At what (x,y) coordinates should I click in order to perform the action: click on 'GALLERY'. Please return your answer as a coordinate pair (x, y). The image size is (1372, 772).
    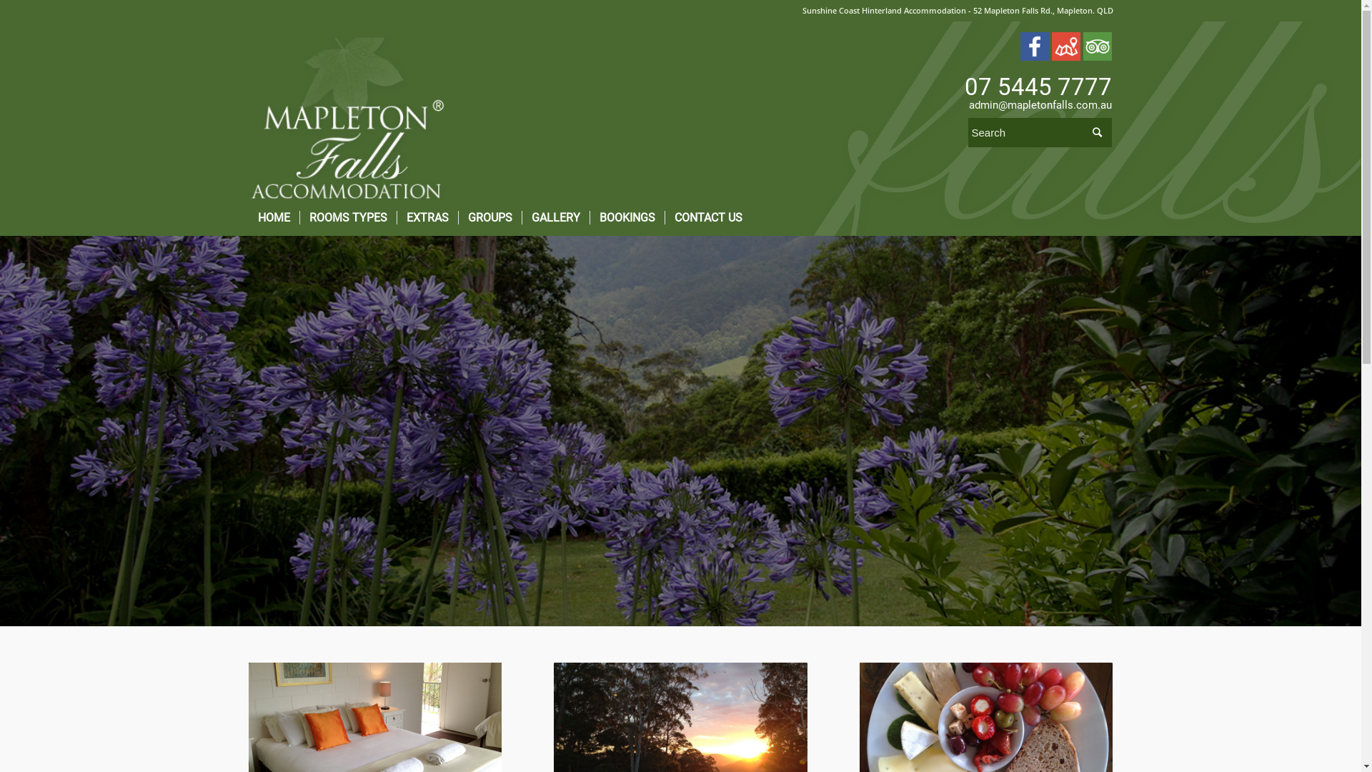
    Looking at the image, I should click on (555, 217).